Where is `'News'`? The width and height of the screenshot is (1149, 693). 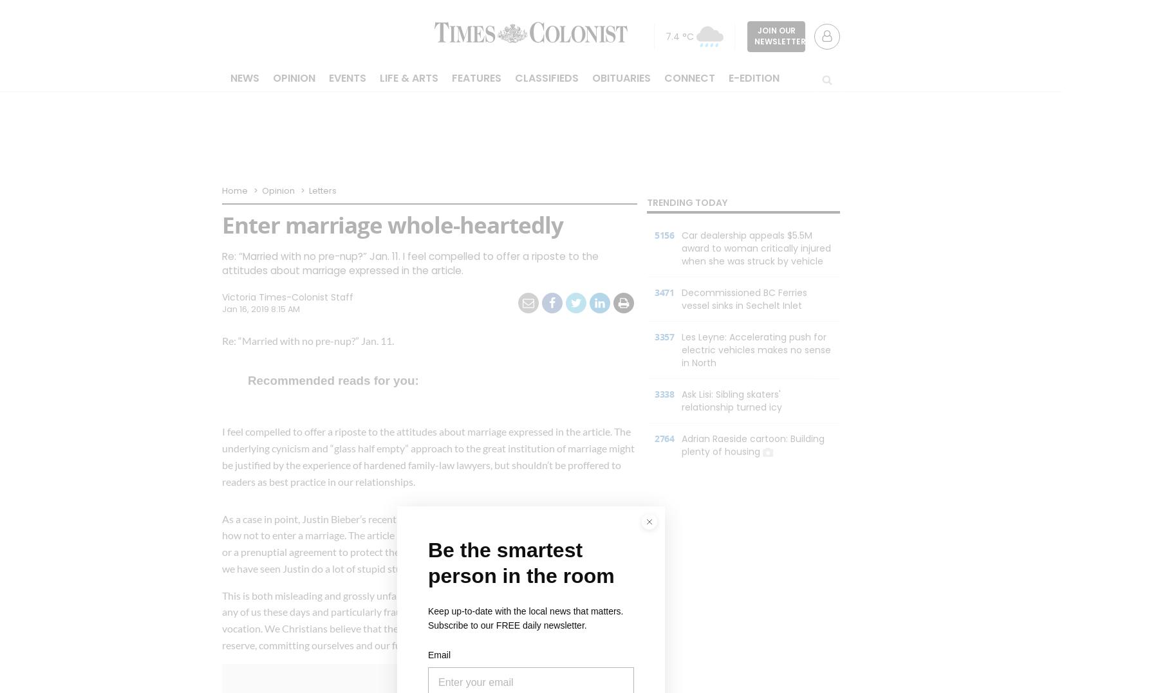 'News' is located at coordinates (245, 77).